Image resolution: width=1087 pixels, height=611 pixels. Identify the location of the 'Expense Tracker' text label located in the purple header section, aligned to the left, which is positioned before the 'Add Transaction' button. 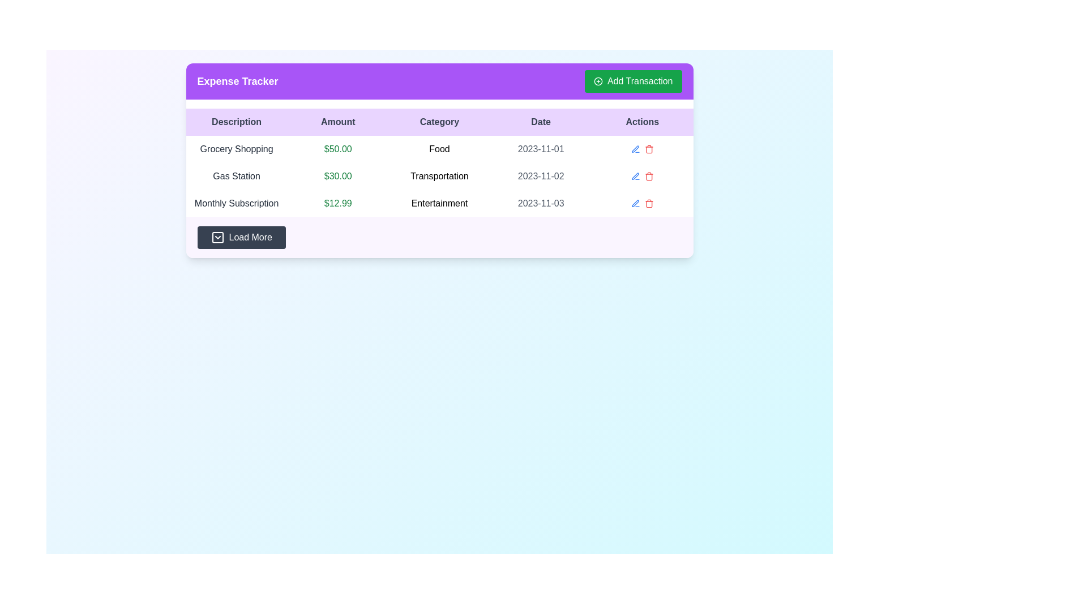
(237, 80).